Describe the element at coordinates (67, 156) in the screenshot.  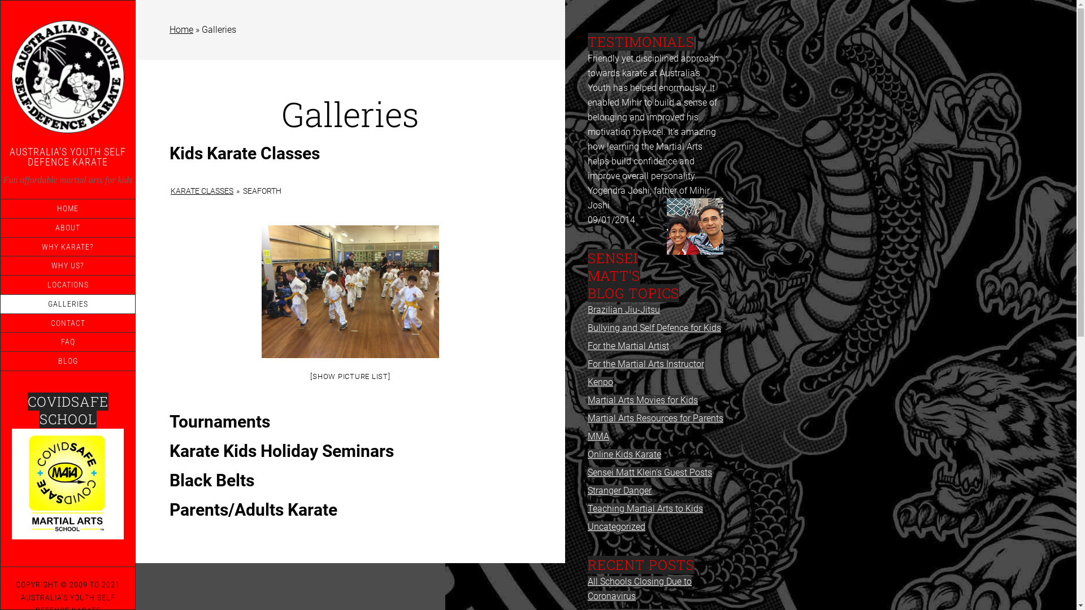
I see `'AUSTRALIA'S YOUTH SELF DEFENCE KARATE'` at that location.